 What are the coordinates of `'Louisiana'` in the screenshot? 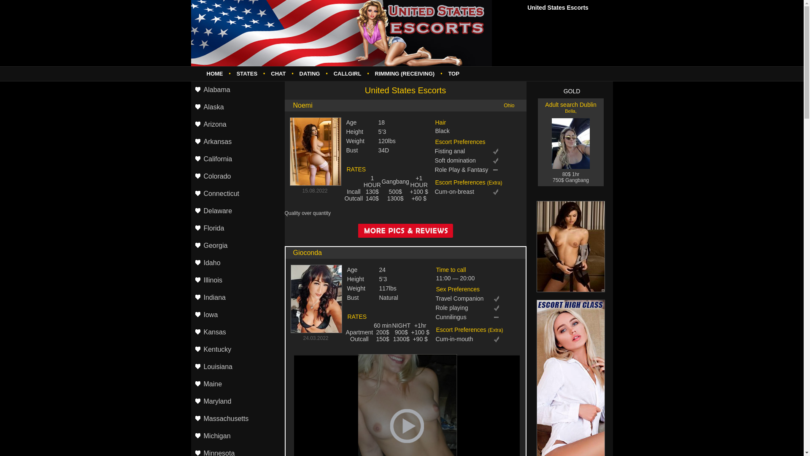 It's located at (236, 366).